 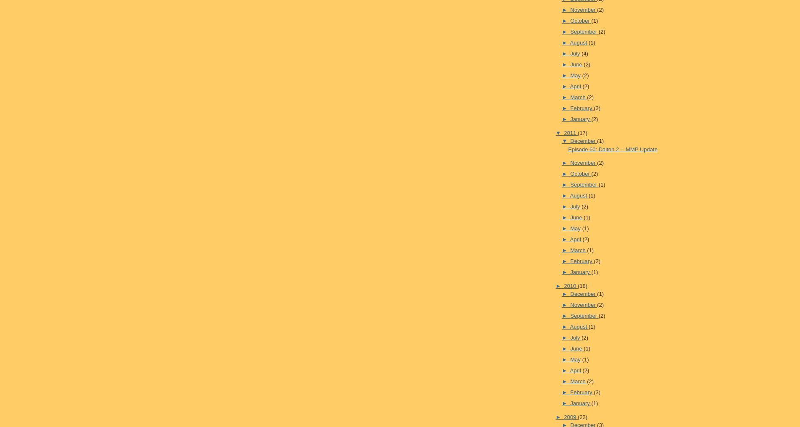 I want to click on 'Episode 60: Dalton 2 -- MMP Update', so click(x=613, y=149).